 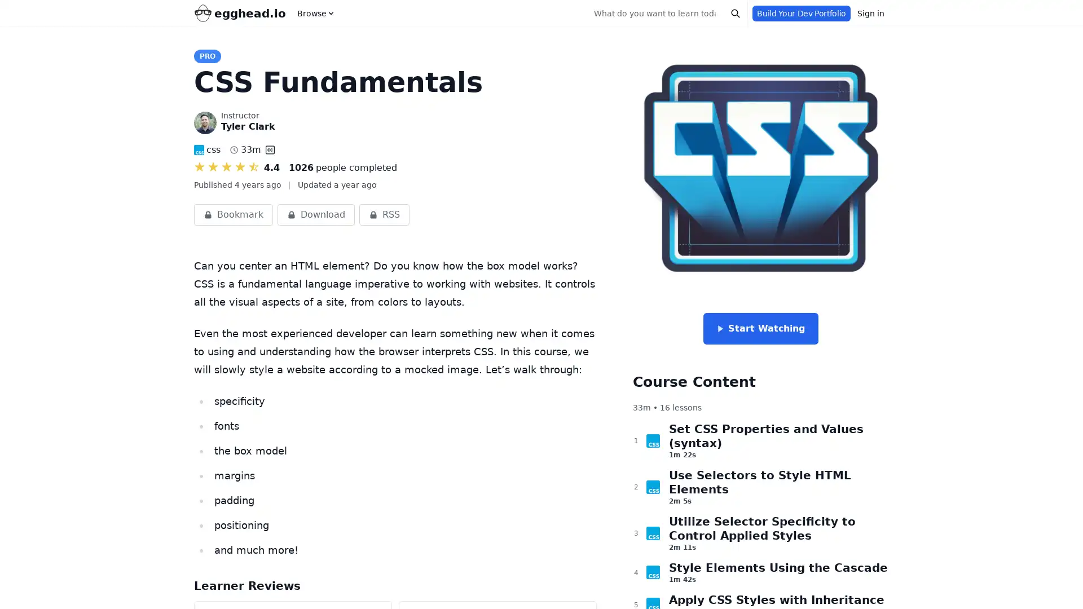 I want to click on Bookmark, so click(x=232, y=214).